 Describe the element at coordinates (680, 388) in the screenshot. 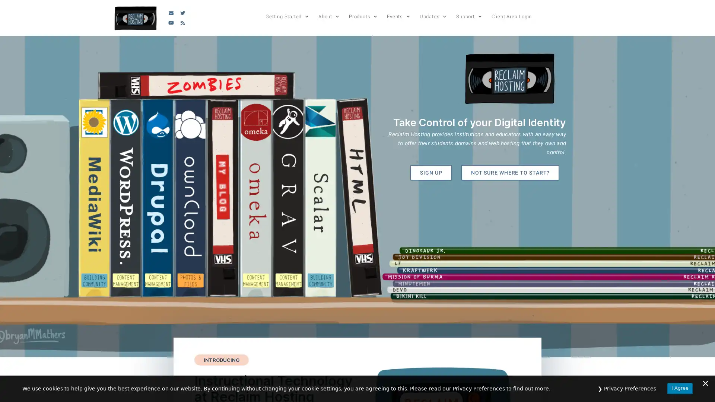

I see `I Agree` at that location.